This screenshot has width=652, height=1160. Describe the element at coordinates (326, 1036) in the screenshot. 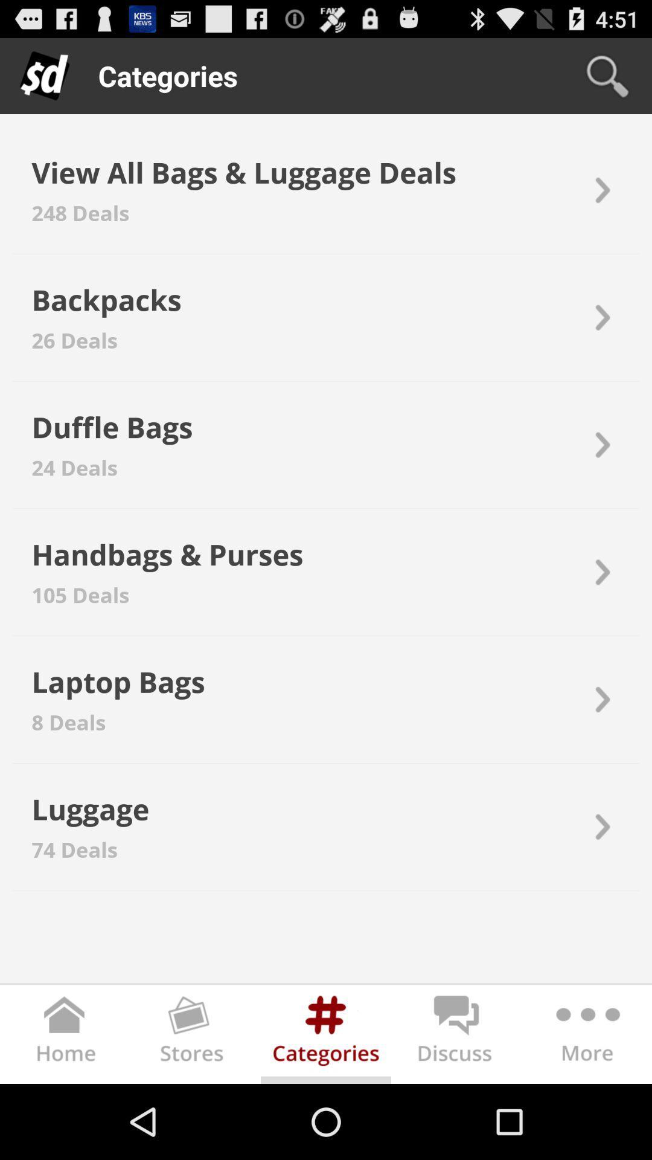

I see `open the categories button` at that location.